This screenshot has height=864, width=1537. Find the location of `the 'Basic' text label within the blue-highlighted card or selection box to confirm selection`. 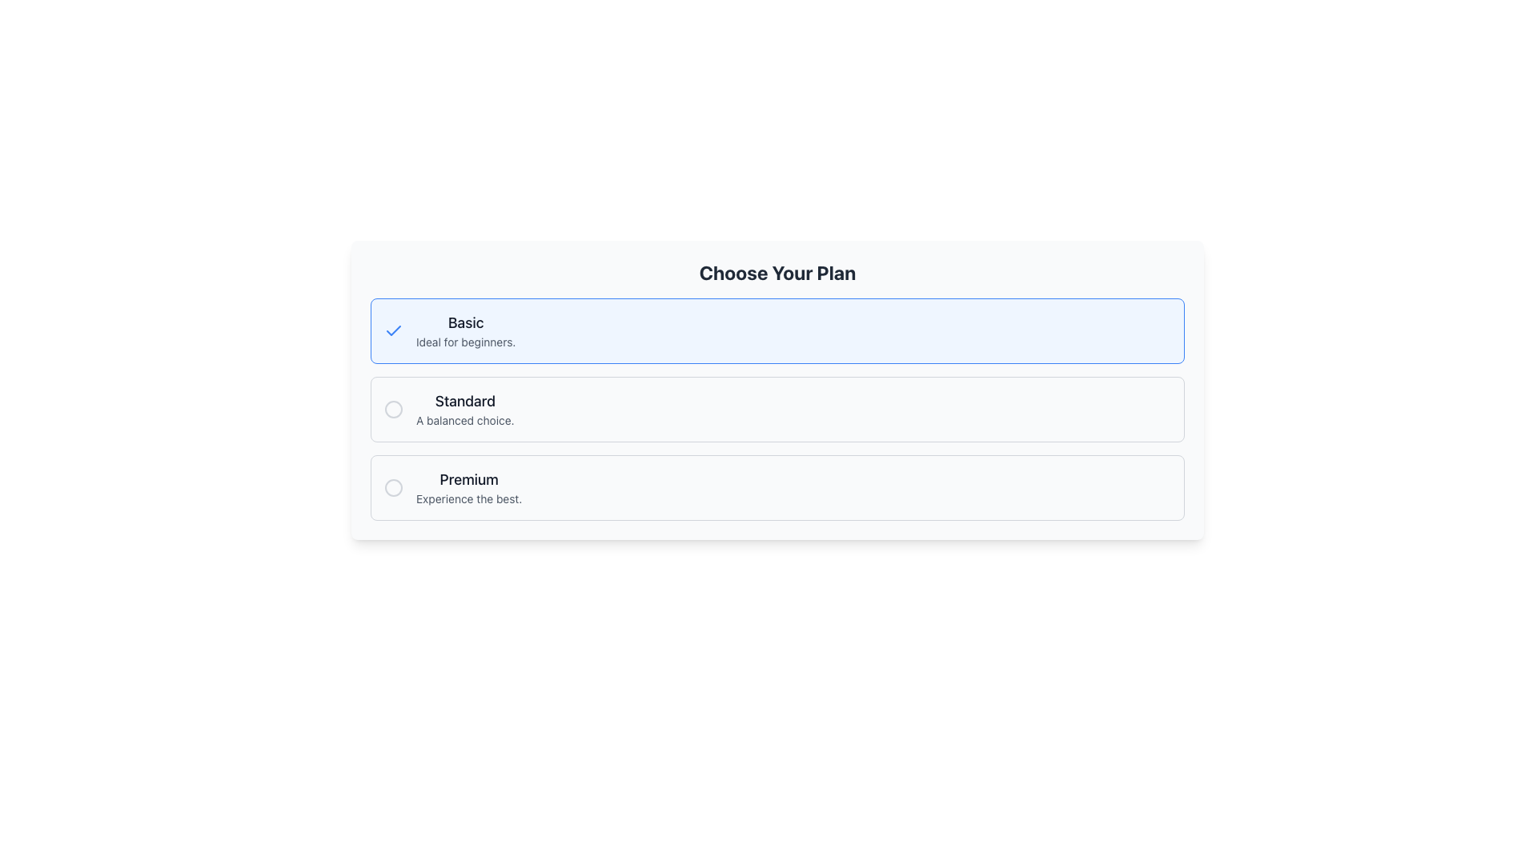

the 'Basic' text label within the blue-highlighted card or selection box to confirm selection is located at coordinates (465, 330).